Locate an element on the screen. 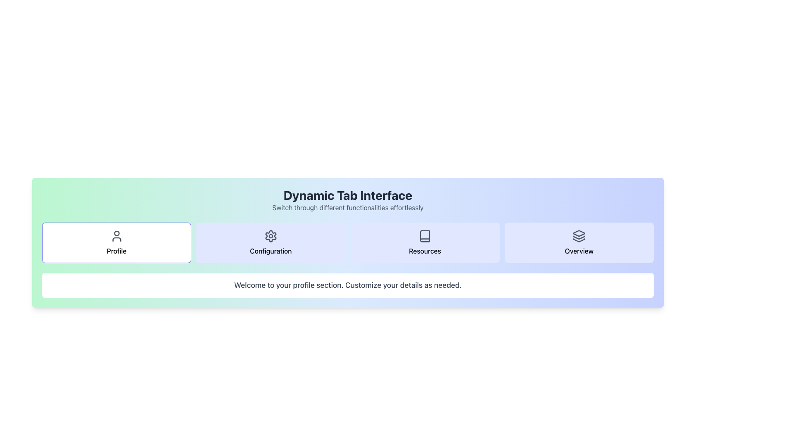 This screenshot has height=446, width=793. the text label indicating the Configuration section of the application interface, which provides a visual cue for users is located at coordinates (271, 251).